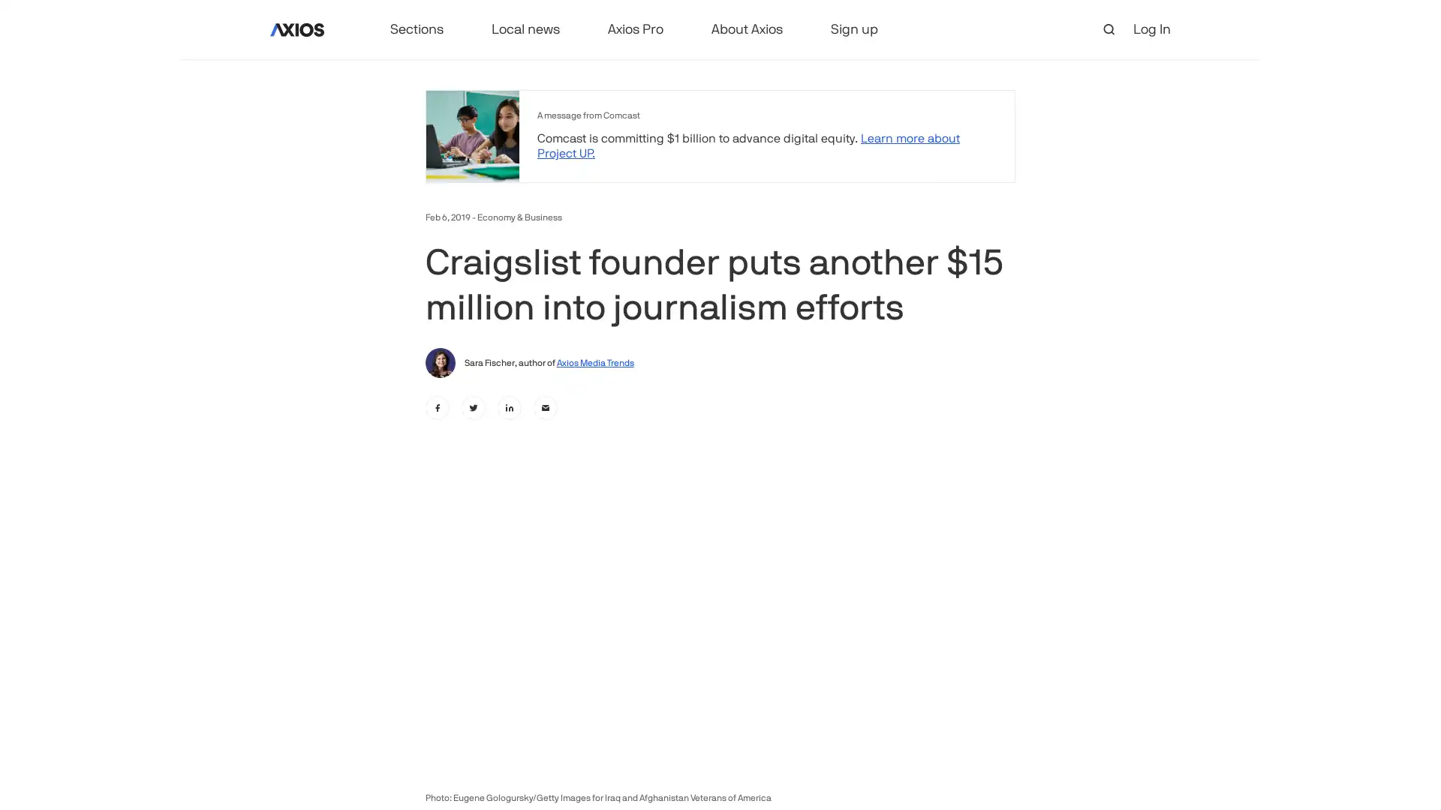 The width and height of the screenshot is (1441, 810). What do you see at coordinates (471, 407) in the screenshot?
I see `twitter` at bounding box center [471, 407].